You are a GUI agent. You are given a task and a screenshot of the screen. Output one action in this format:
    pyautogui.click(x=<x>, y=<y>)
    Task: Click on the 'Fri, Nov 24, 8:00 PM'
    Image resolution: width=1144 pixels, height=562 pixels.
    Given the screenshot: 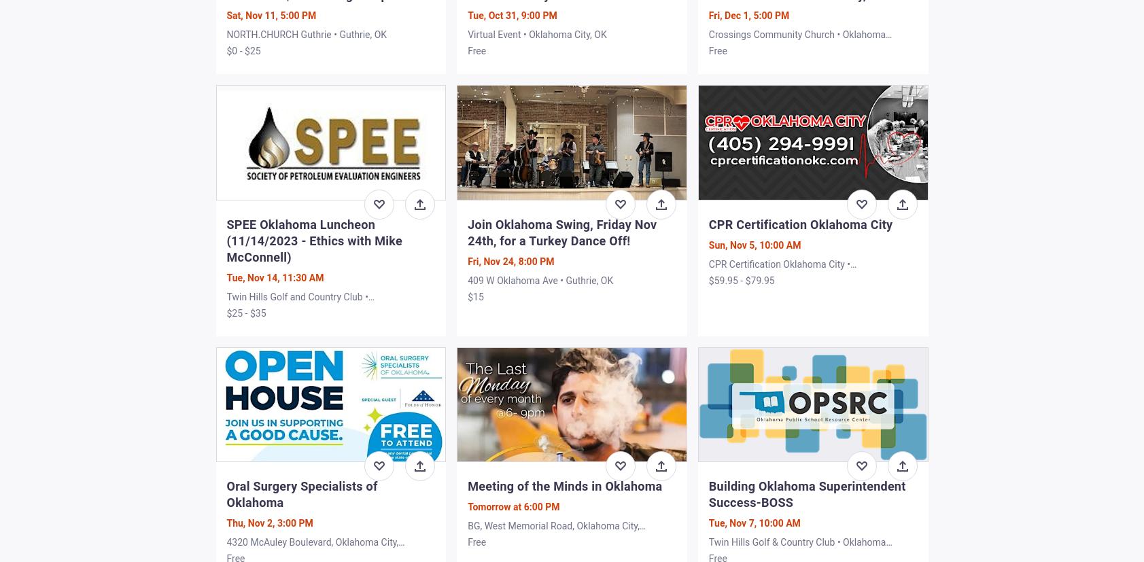 What is the action you would take?
    pyautogui.click(x=510, y=260)
    